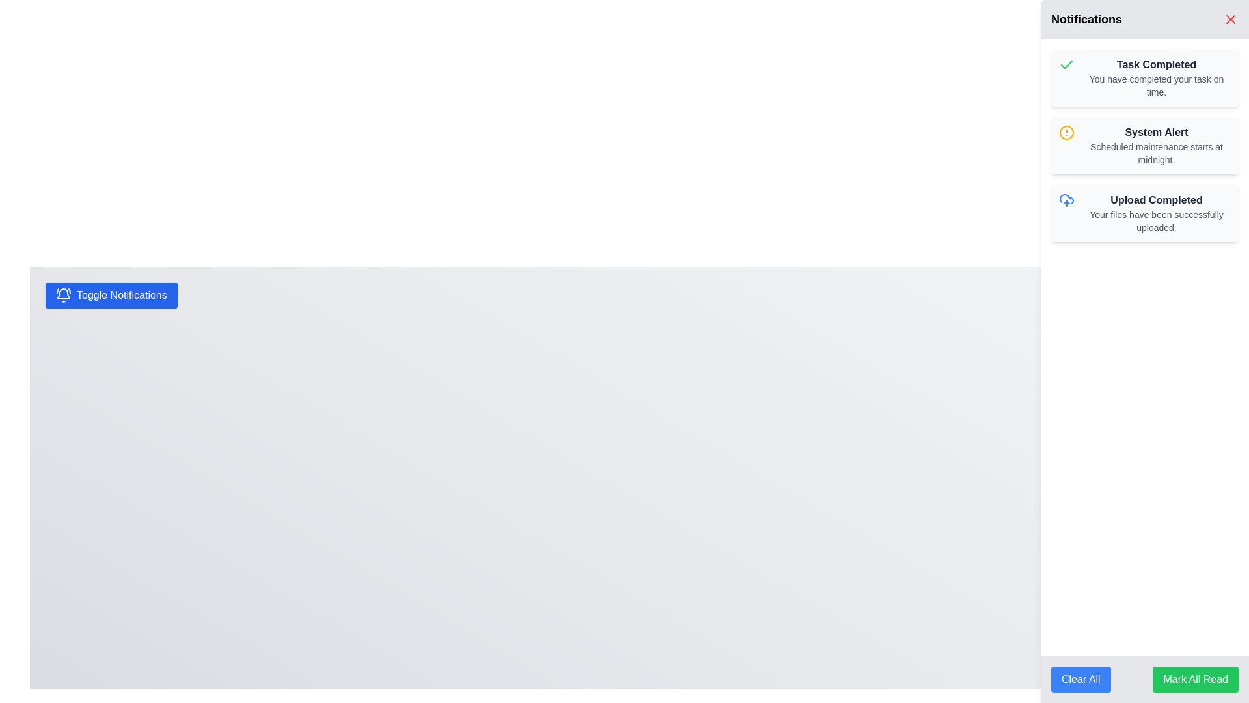 The width and height of the screenshot is (1249, 703). I want to click on the bell icon element that symbolizes notifications, located within the 'Toggle Notifications' button, so click(62, 296).